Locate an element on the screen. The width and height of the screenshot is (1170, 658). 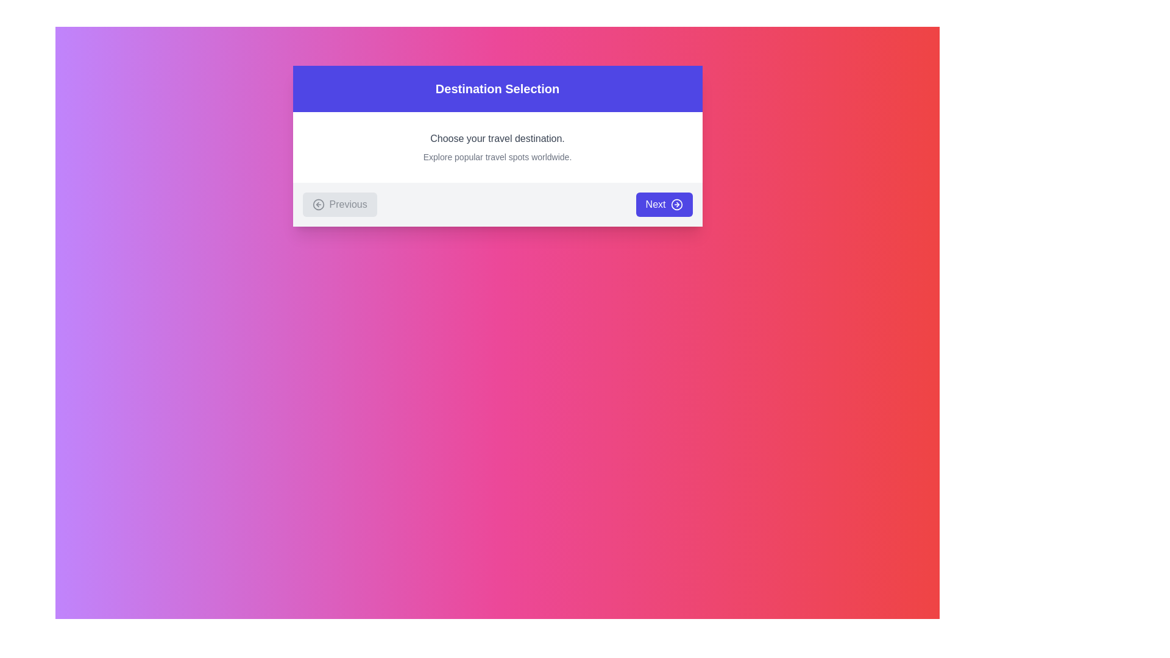
the Text Block that contains the headline 'Choose your travel destination.' and the subheading 'Explore popular travel spots worldwide.' located within the 'Destination Selection' dialog box is located at coordinates (497, 147).